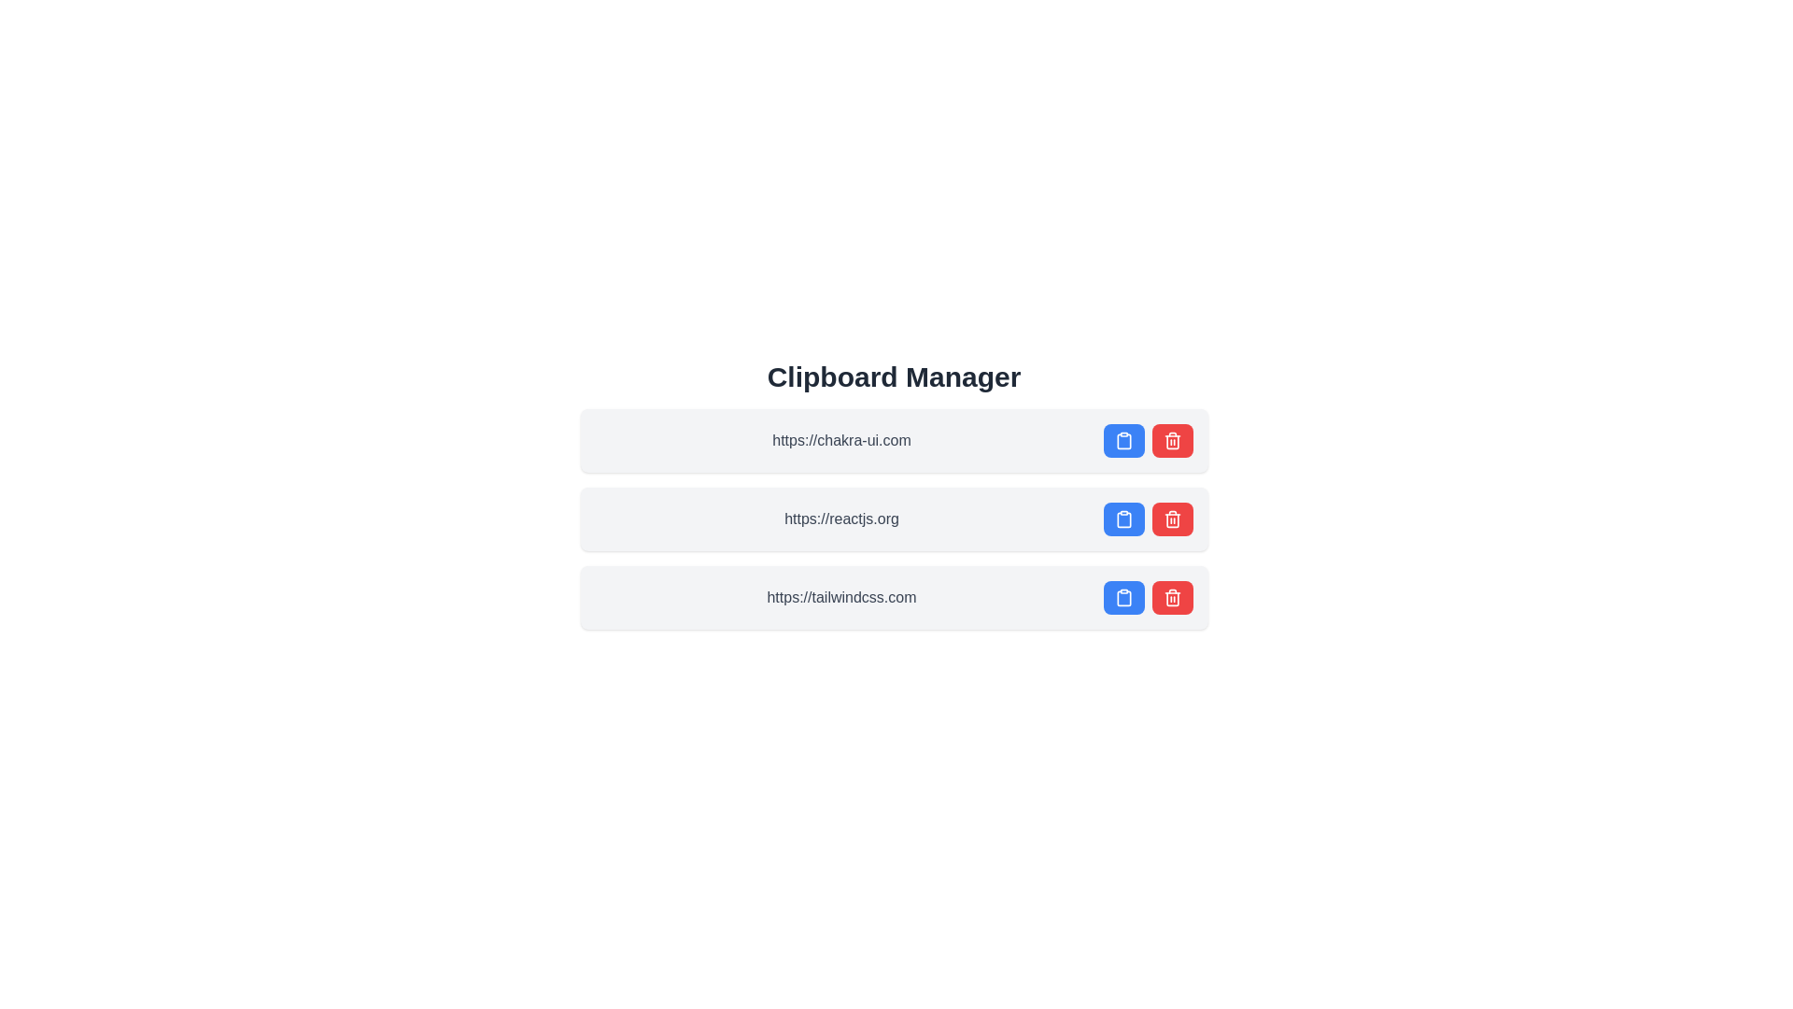  Describe the element at coordinates (1122, 519) in the screenshot. I see `the square-shaped button with a blue background and white clipboard icon to copy text` at that location.